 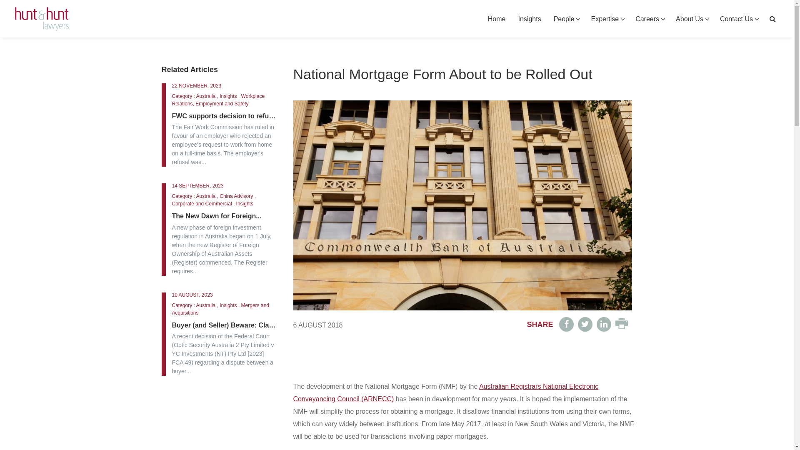 I want to click on 'Print friendly version', so click(x=615, y=326).